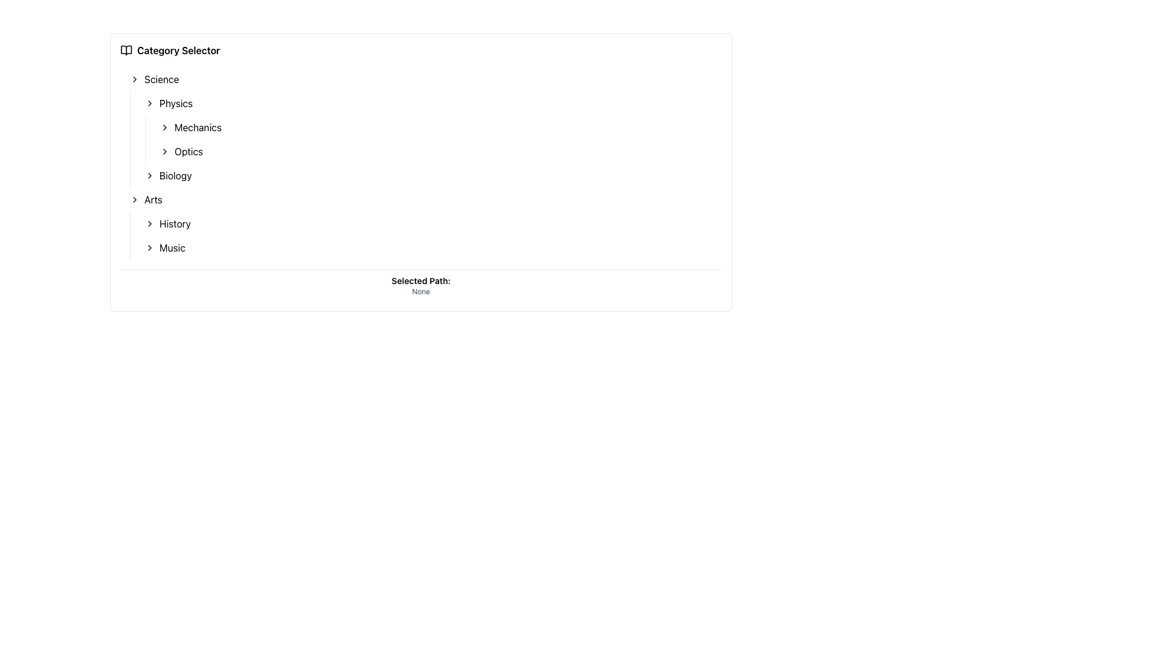 Image resolution: width=1156 pixels, height=650 pixels. Describe the element at coordinates (164, 150) in the screenshot. I see `the right-facing chevron icon next to the 'Optics' label` at that location.